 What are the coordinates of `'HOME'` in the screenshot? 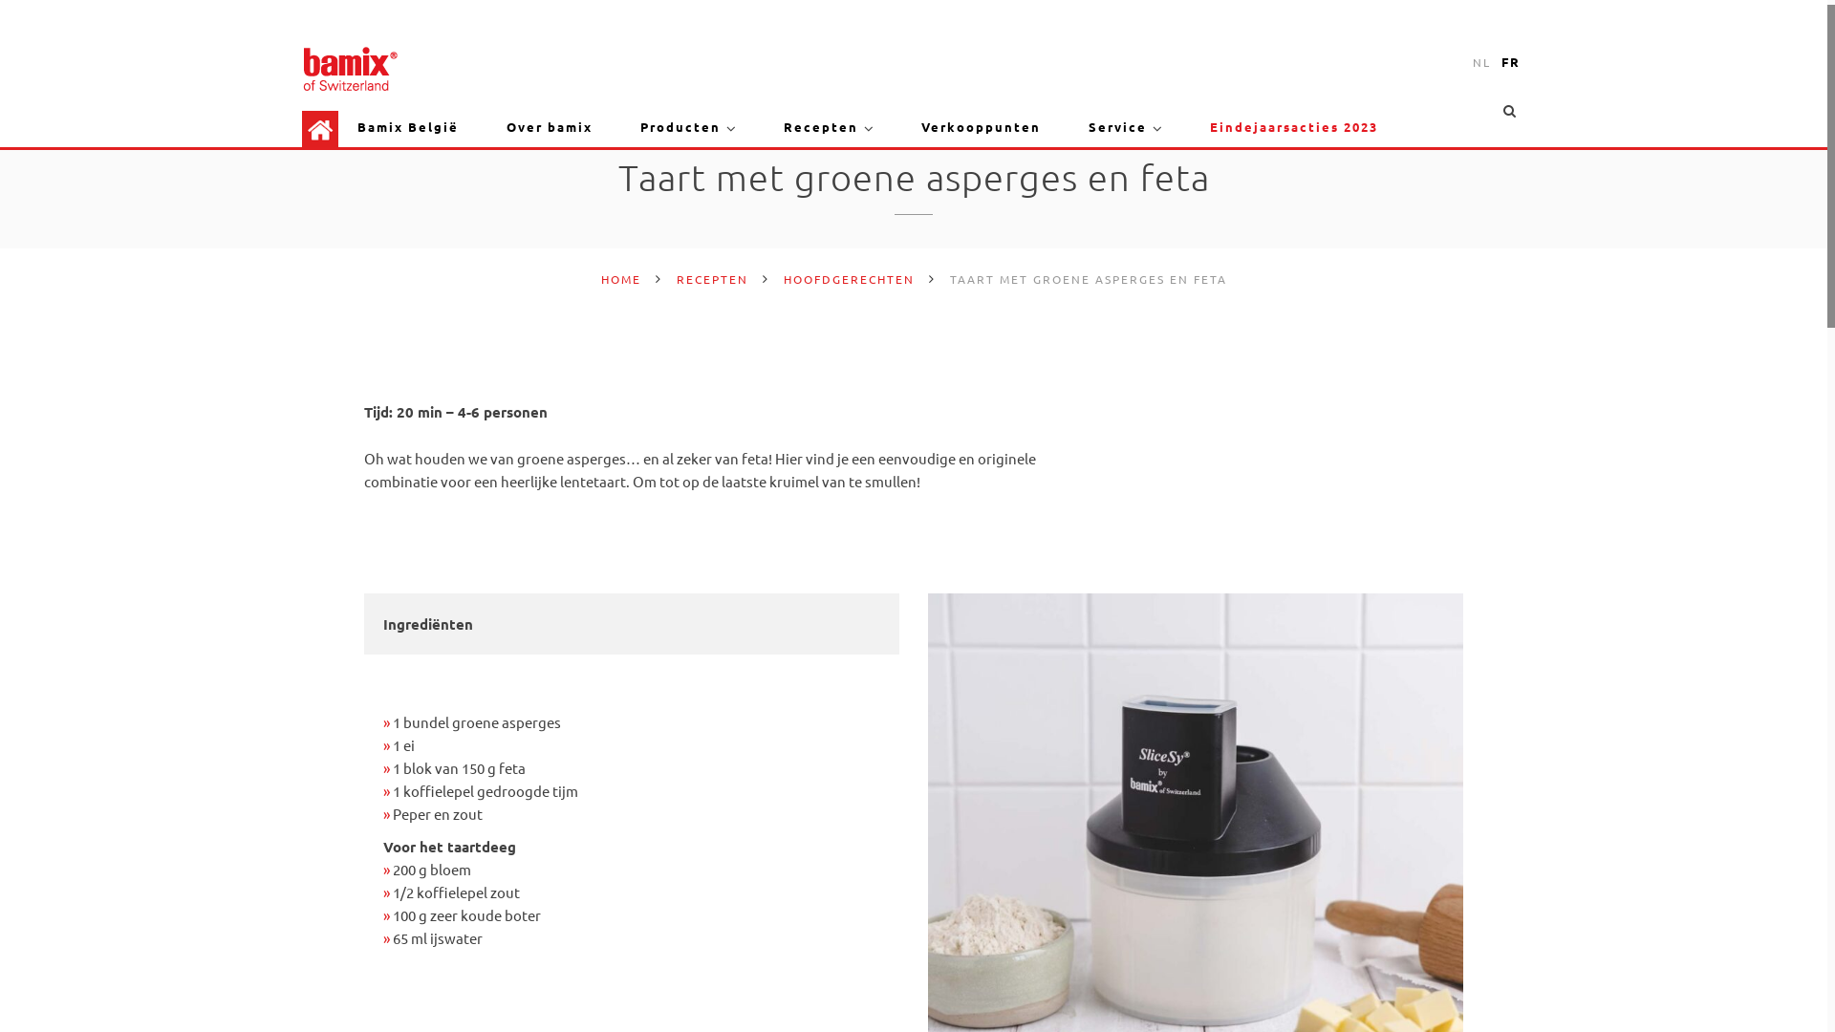 It's located at (619, 279).